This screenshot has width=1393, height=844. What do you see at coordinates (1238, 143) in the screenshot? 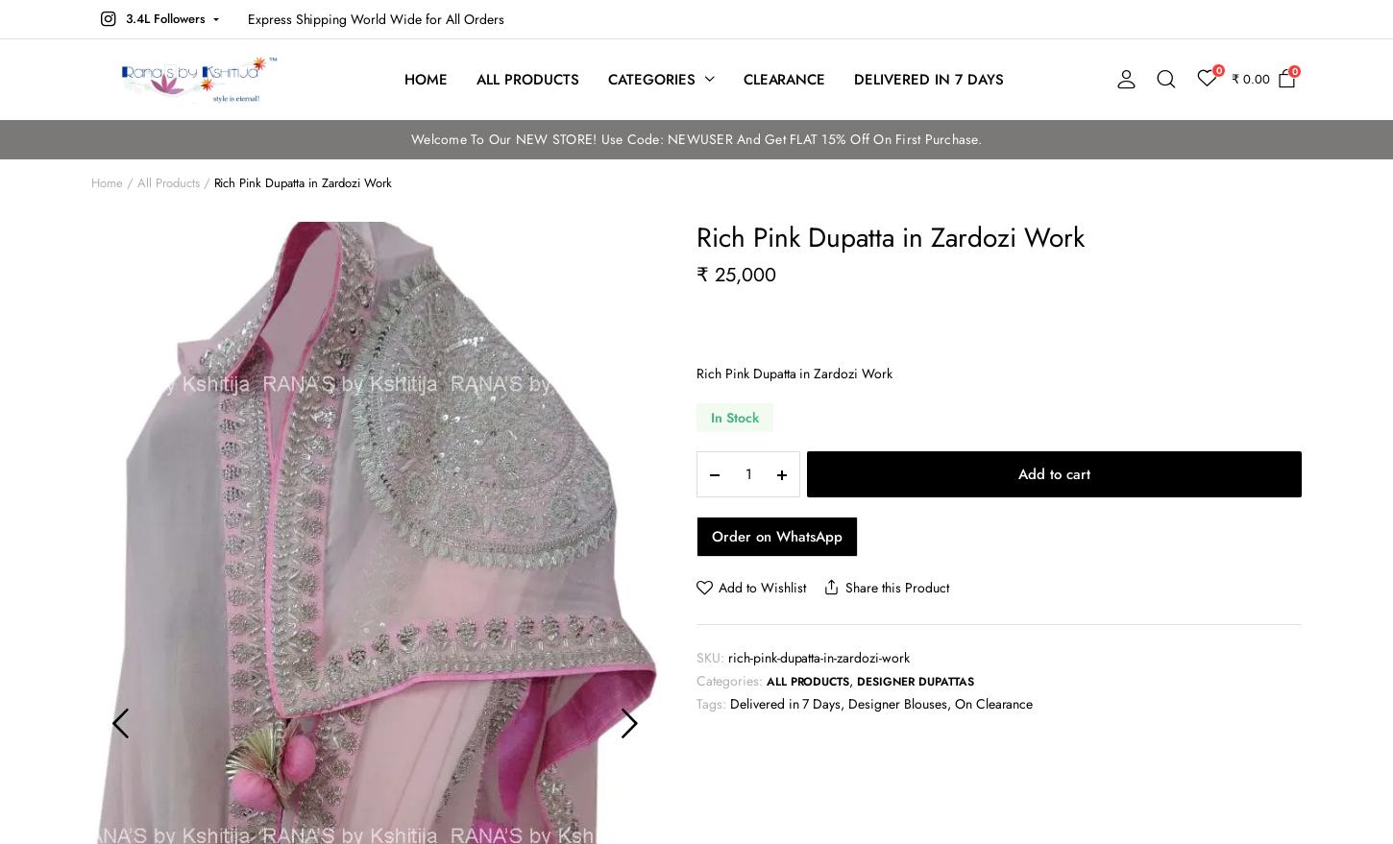
I see `'This is the price in Indian Rupees'` at bounding box center [1238, 143].